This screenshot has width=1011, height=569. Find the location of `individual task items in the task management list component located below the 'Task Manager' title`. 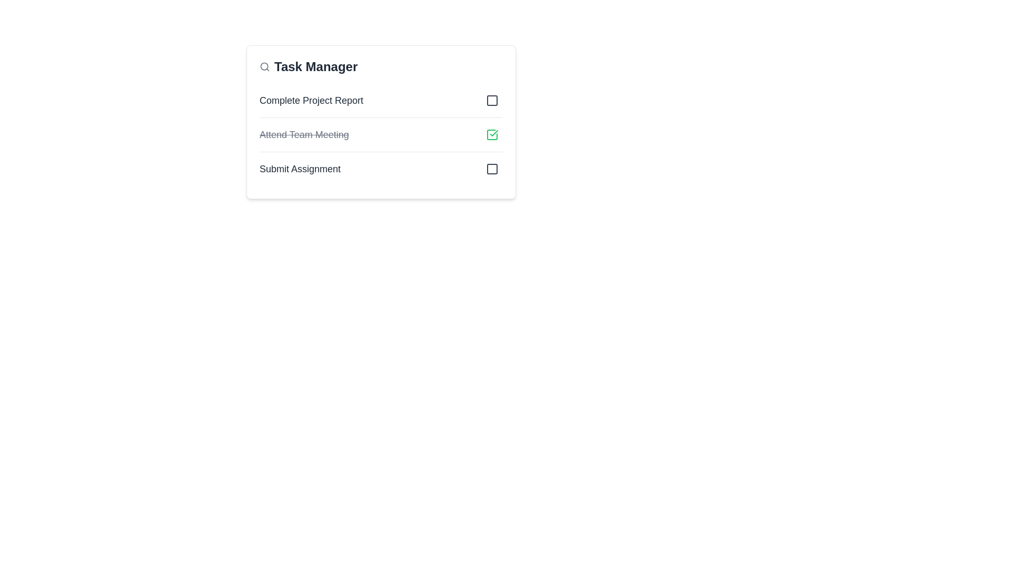

individual task items in the task management list component located below the 'Task Manager' title is located at coordinates (381, 134).